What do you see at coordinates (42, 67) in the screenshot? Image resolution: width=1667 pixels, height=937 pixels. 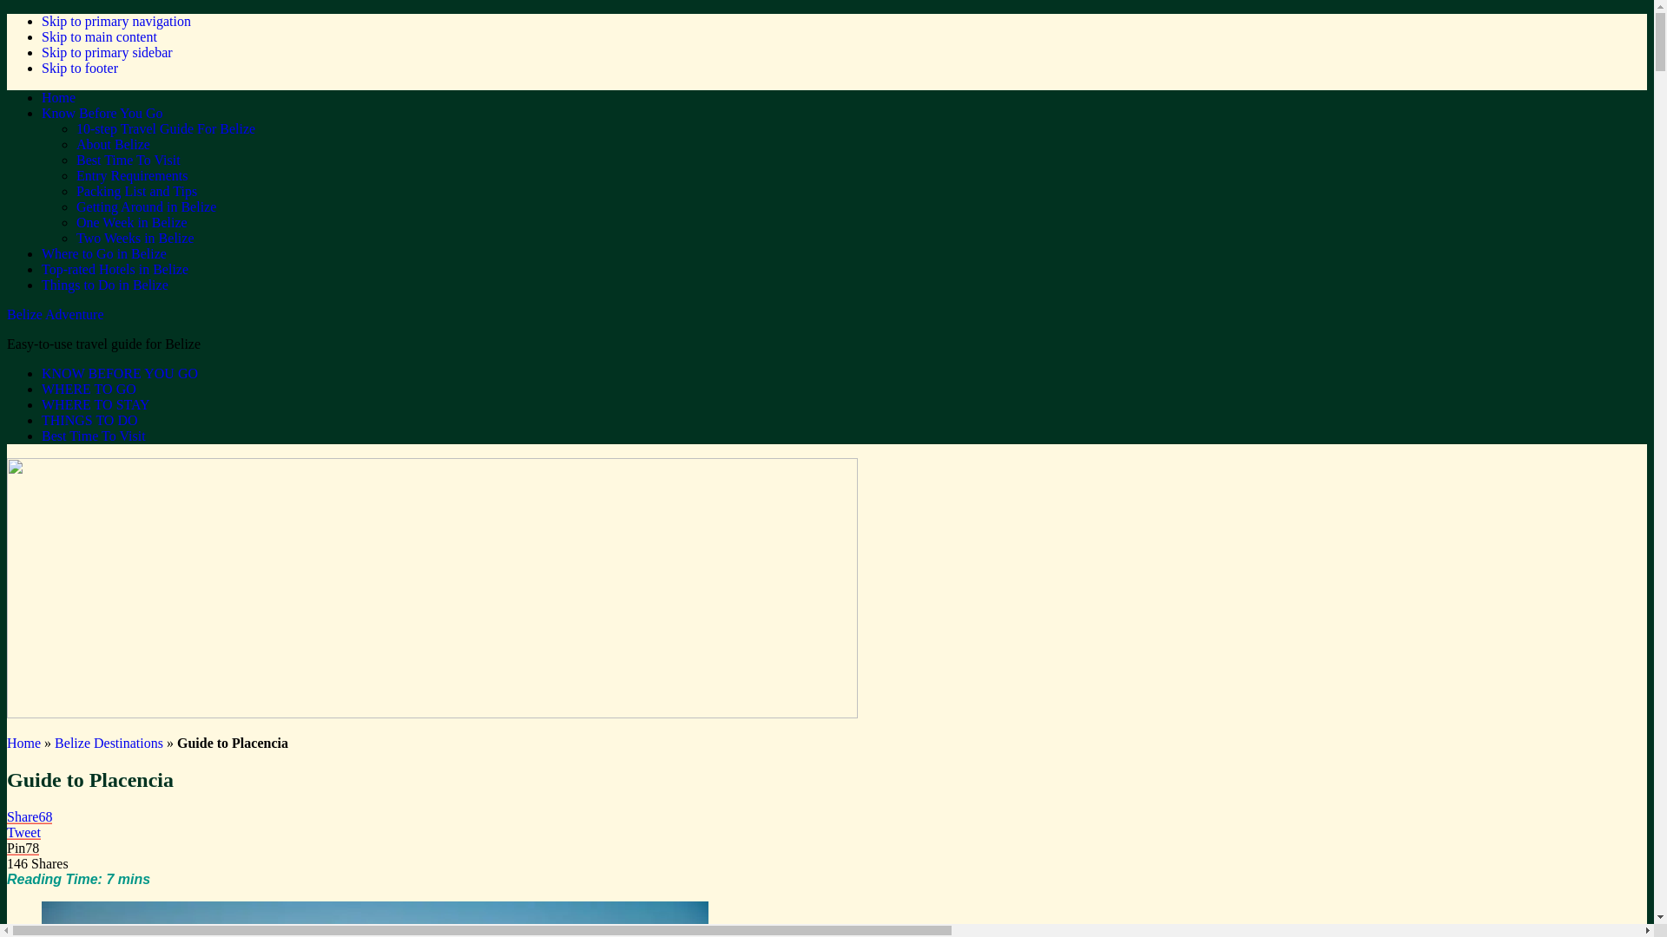 I see `'Skip to footer'` at bounding box center [42, 67].